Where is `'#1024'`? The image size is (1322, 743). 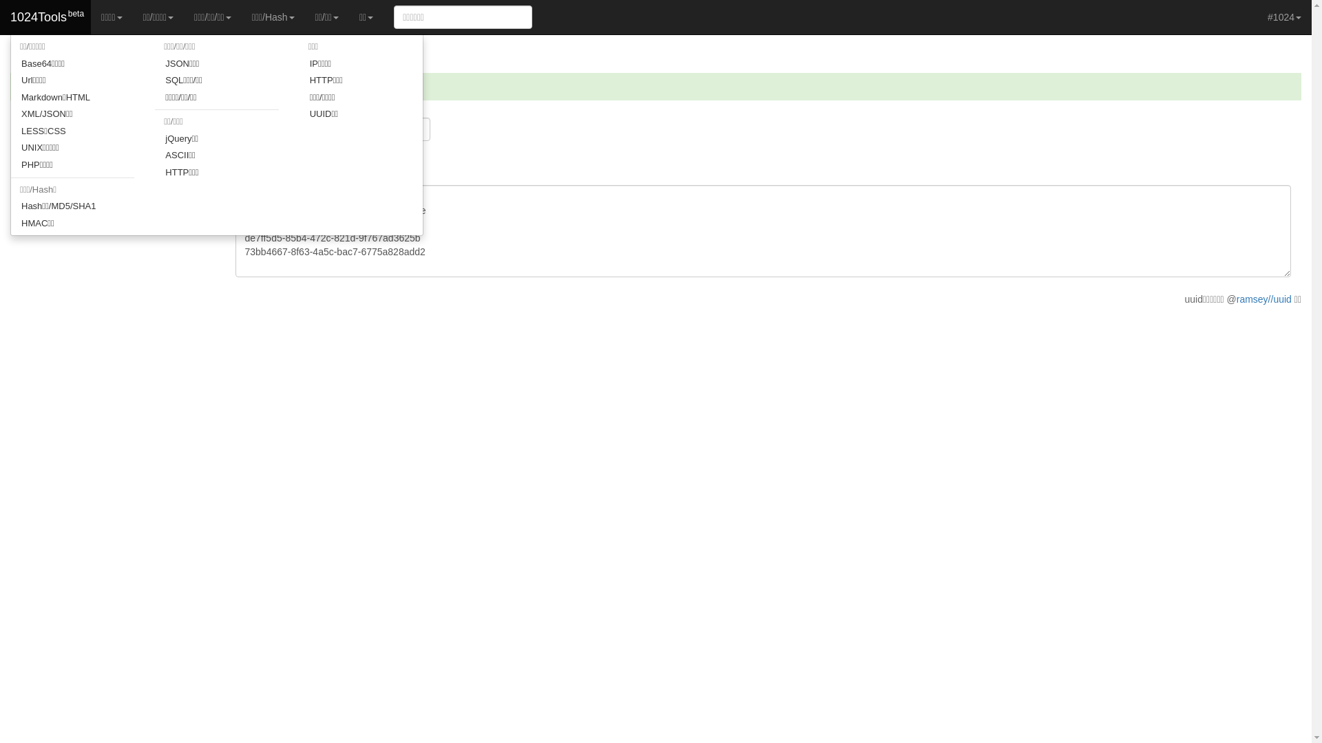
'#1024' is located at coordinates (1283, 17).